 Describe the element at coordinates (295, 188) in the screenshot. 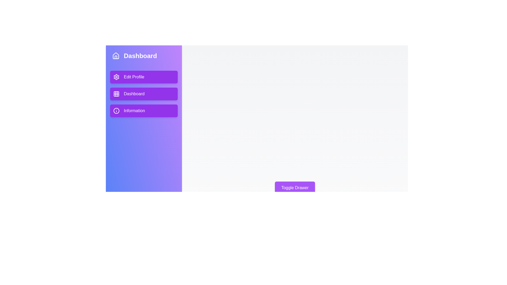

I see `'Toggle Drawer' button to toggle the drawer visibility` at that location.